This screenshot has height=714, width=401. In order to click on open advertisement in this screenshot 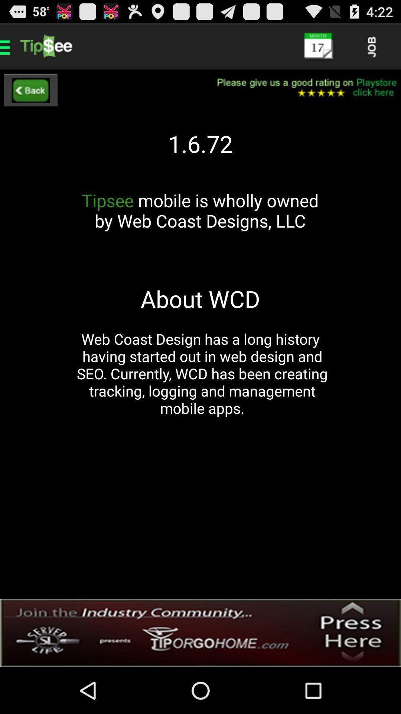, I will do `click(200, 633)`.